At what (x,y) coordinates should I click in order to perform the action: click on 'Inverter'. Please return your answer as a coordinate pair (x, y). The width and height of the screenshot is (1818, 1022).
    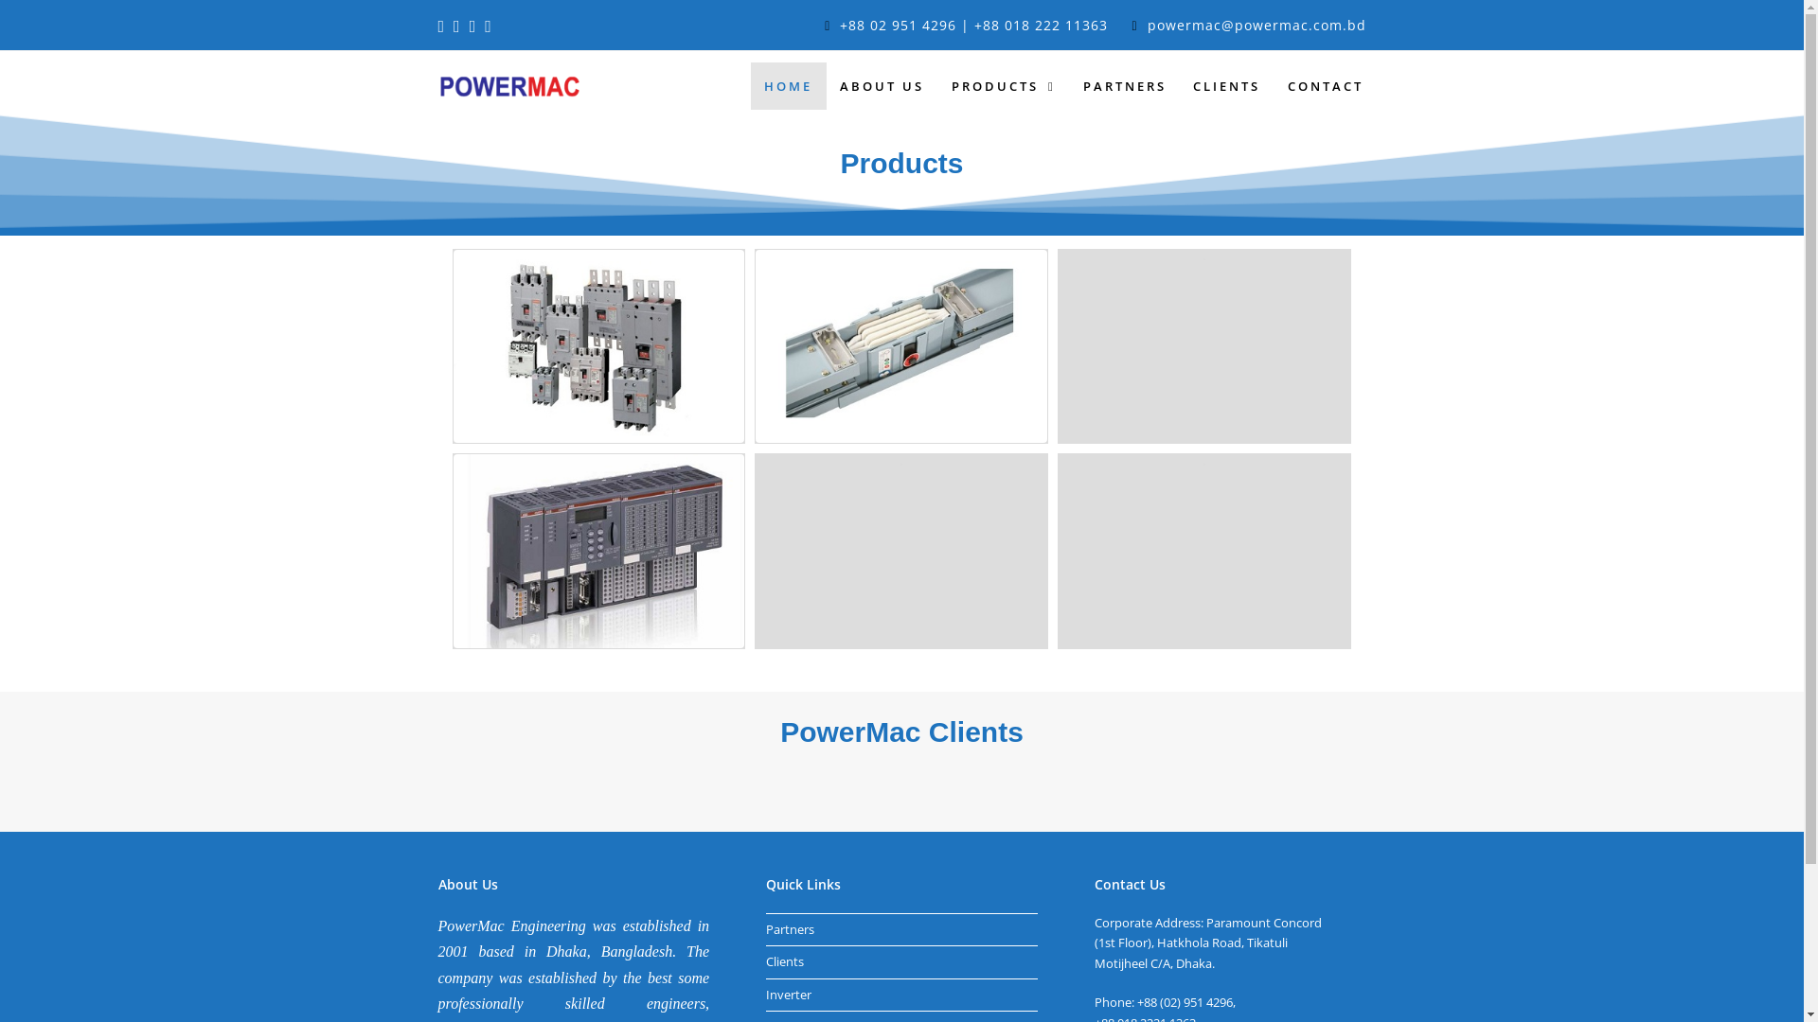
    Looking at the image, I should click on (789, 993).